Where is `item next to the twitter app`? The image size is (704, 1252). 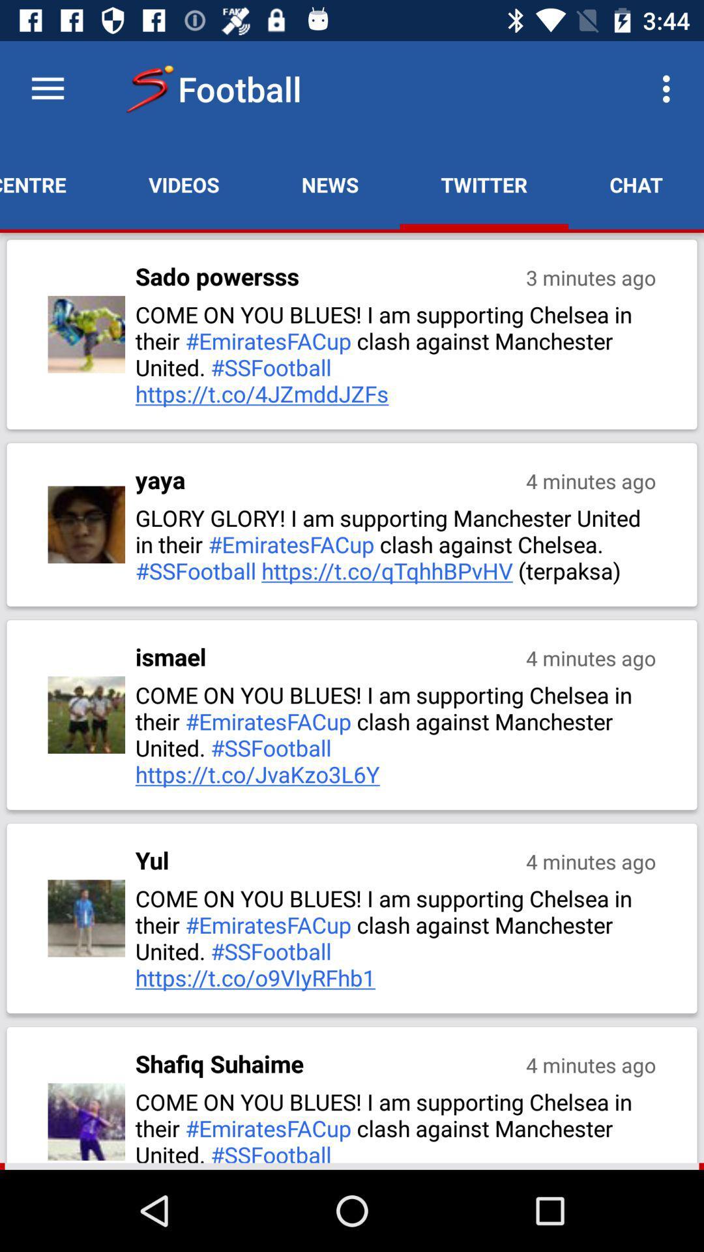 item next to the twitter app is located at coordinates (329, 184).